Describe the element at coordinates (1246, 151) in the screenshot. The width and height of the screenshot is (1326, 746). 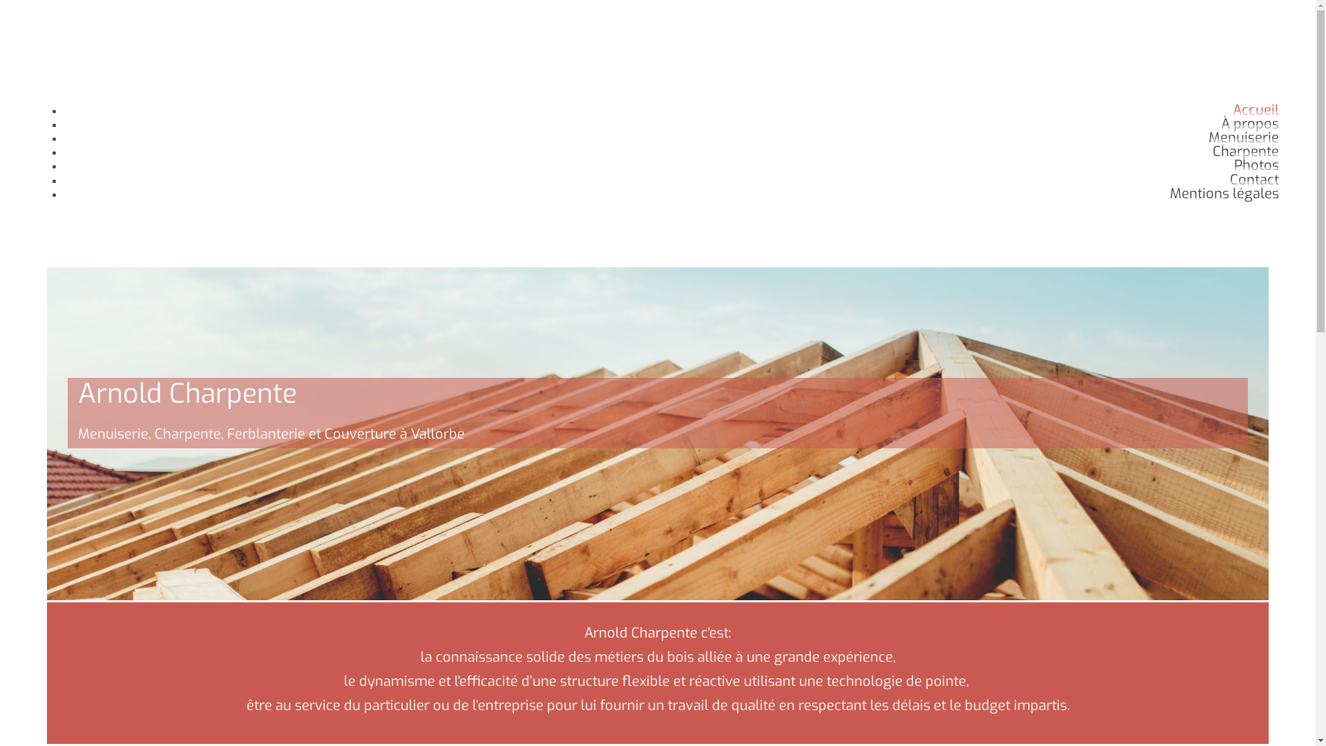
I see `'Charpente'` at that location.